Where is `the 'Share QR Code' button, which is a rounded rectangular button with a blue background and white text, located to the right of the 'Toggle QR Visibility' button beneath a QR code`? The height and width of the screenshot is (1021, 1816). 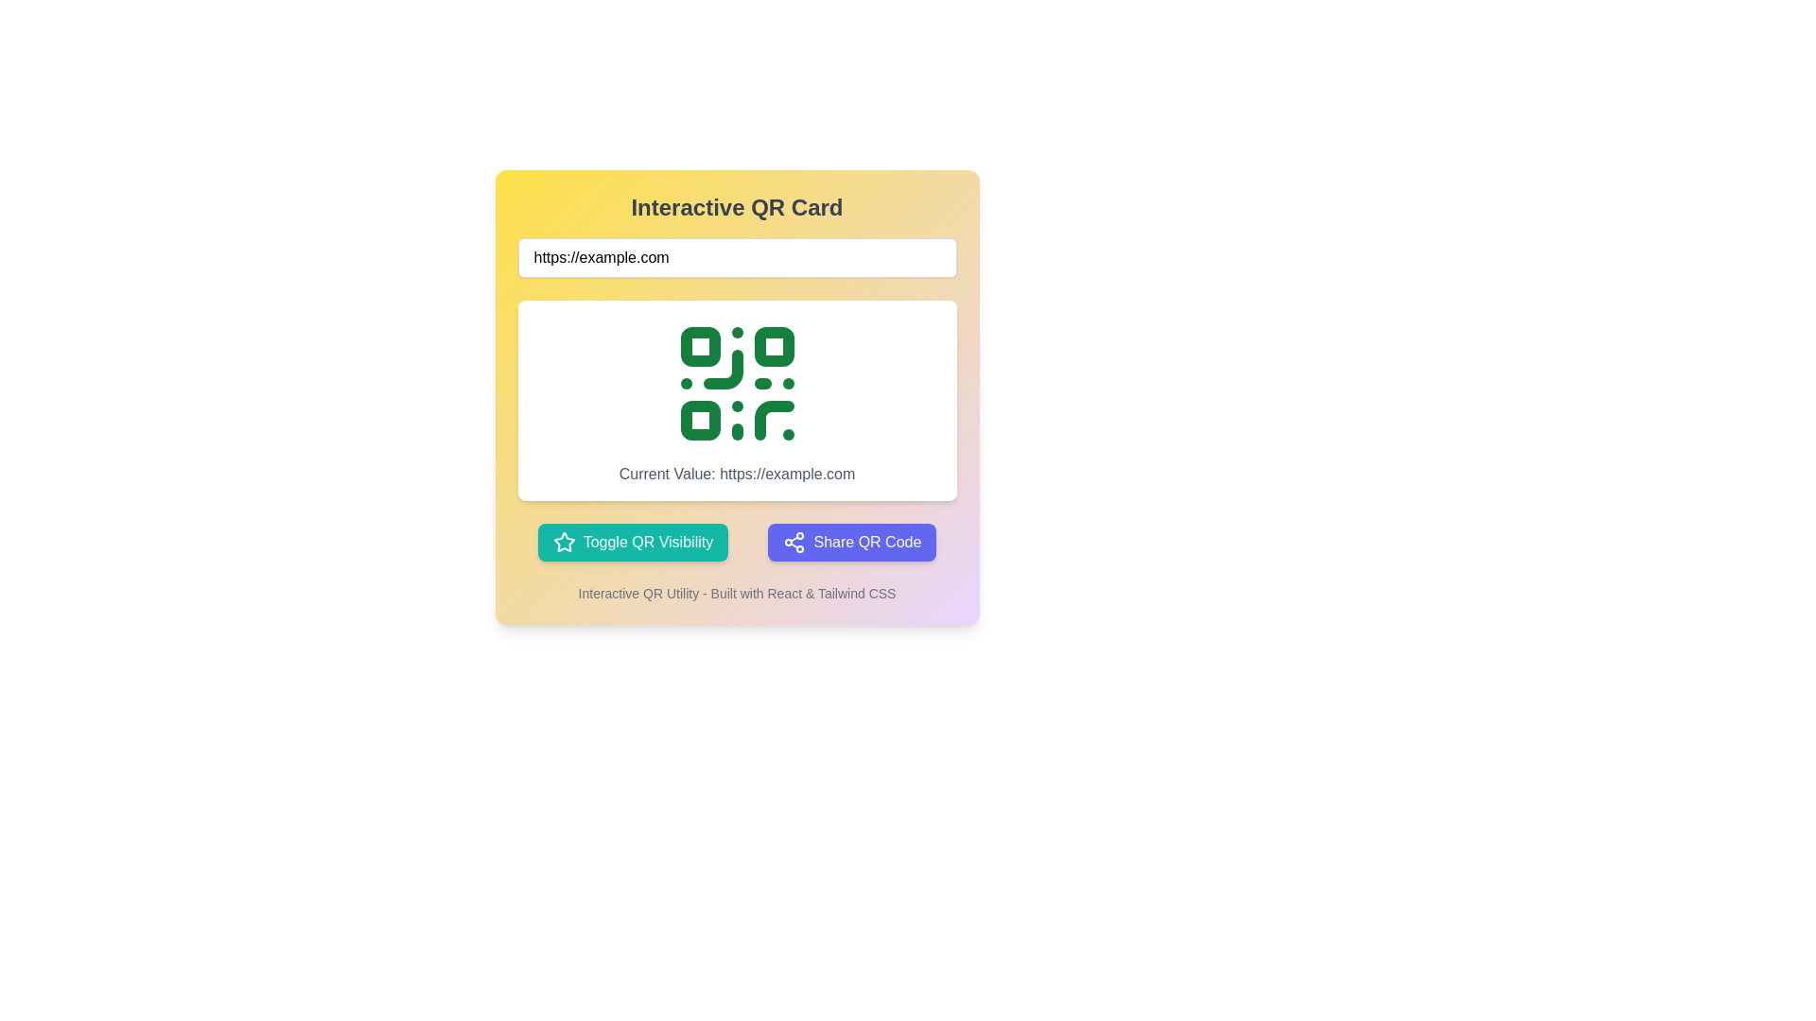 the 'Share QR Code' button, which is a rounded rectangular button with a blue background and white text, located to the right of the 'Toggle QR Visibility' button beneath a QR code is located at coordinates (851, 543).